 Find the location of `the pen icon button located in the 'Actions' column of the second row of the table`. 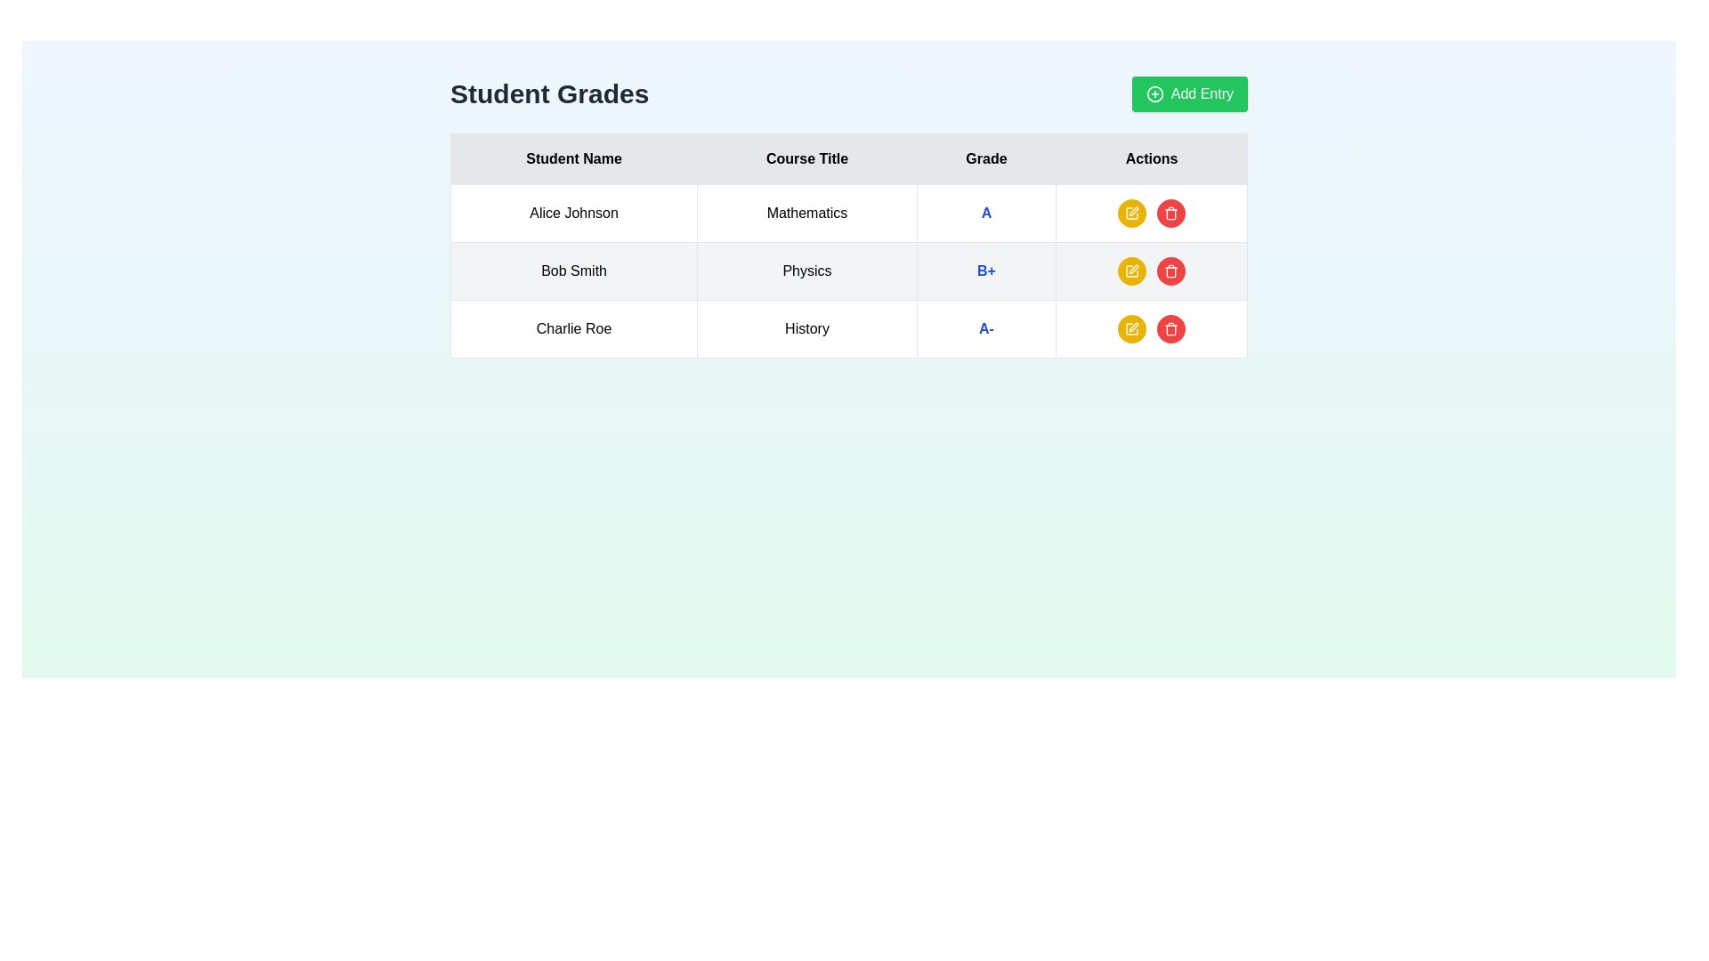

the pen icon button located in the 'Actions' column of the second row of the table is located at coordinates (1133, 270).